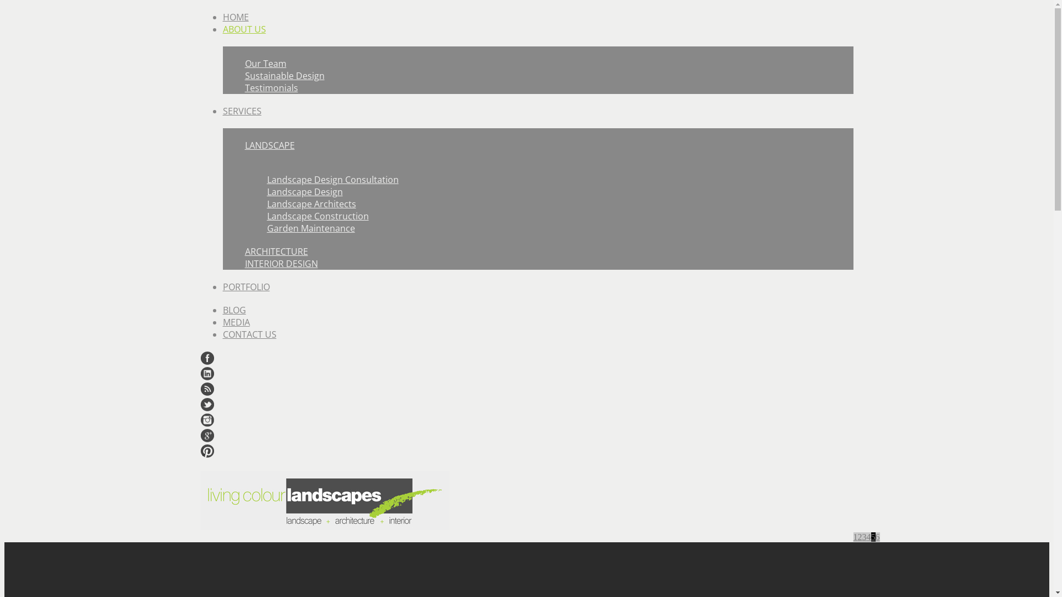 This screenshot has width=1062, height=597. I want to click on 'MEDIA', so click(235, 322).